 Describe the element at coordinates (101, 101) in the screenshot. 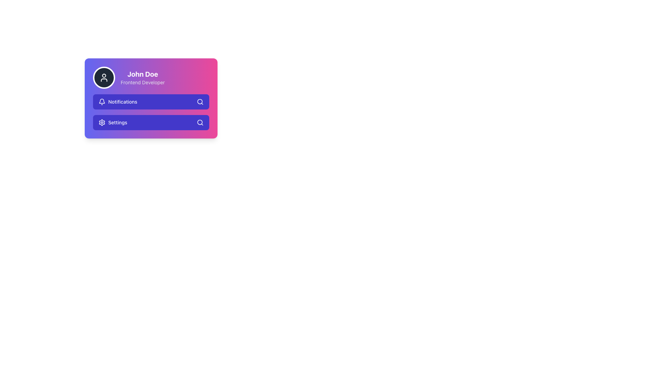

I see `the notification icon located in the top action section of the rectangular card interface, adjacent to the text 'Notifications', to interact with it` at that location.